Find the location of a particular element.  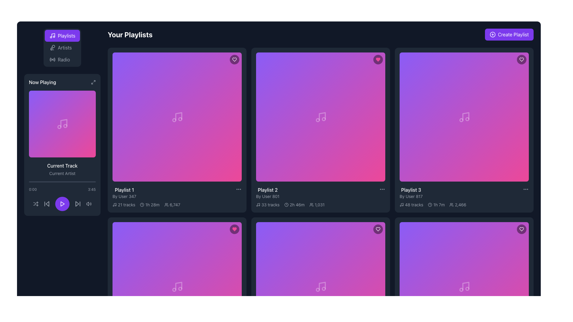

the play icon within the thumbnail of 'Playlist 1' is located at coordinates (177, 117).